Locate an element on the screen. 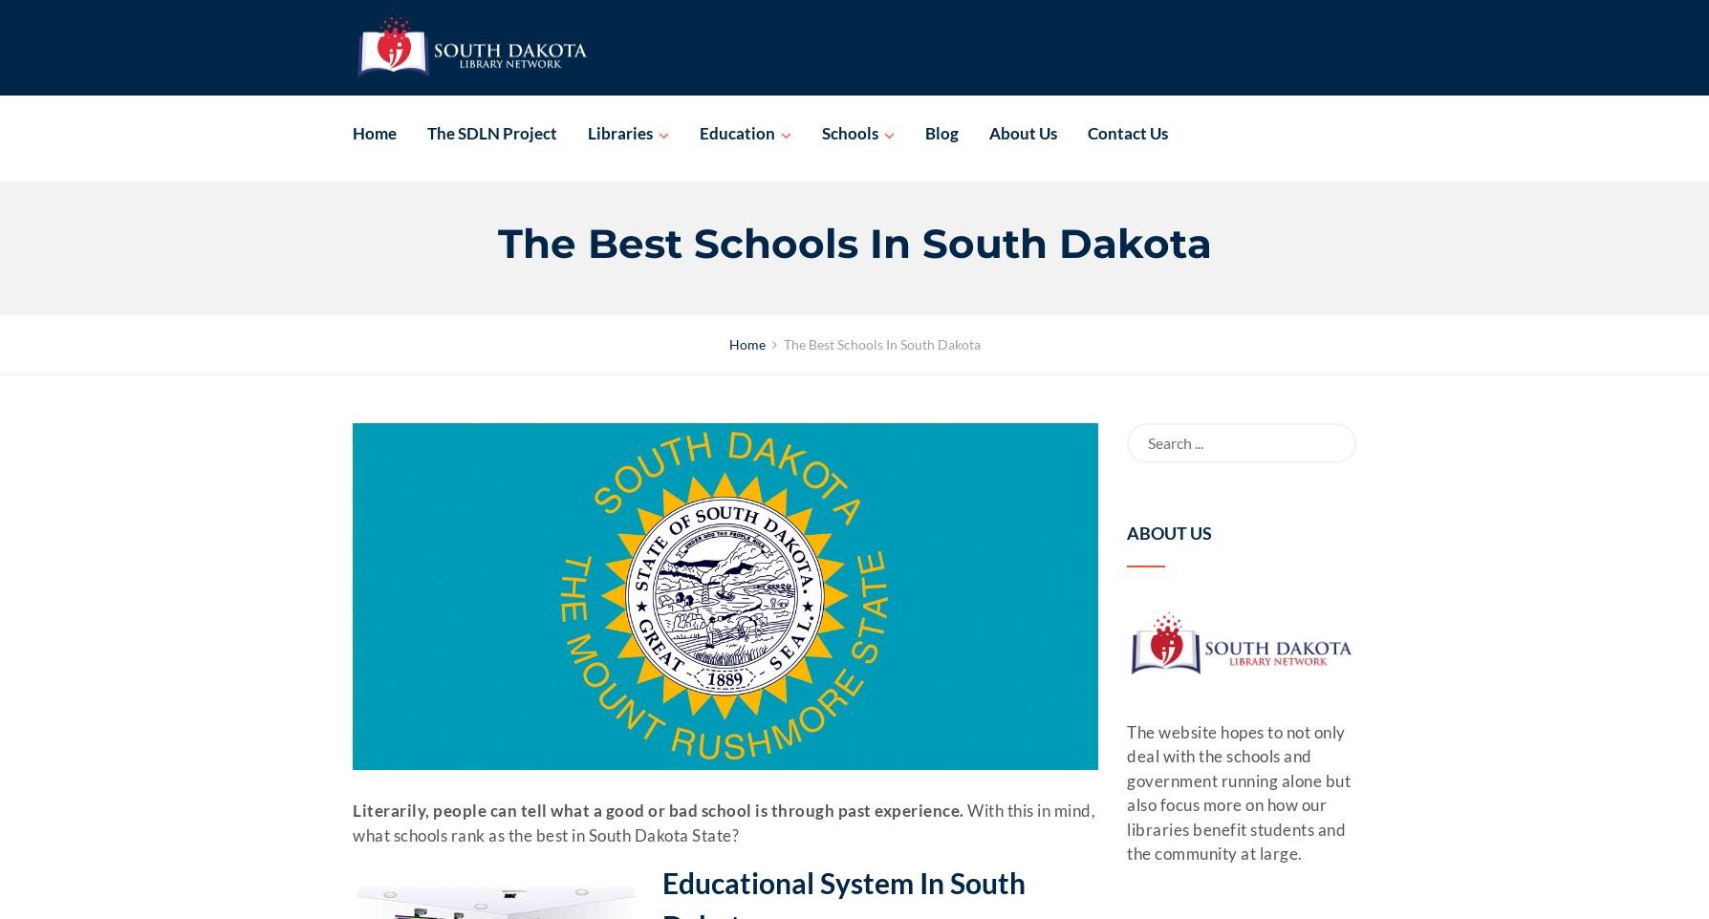  'With this in mind, what schools rank as the best in South Dakota State?' is located at coordinates (723, 822).